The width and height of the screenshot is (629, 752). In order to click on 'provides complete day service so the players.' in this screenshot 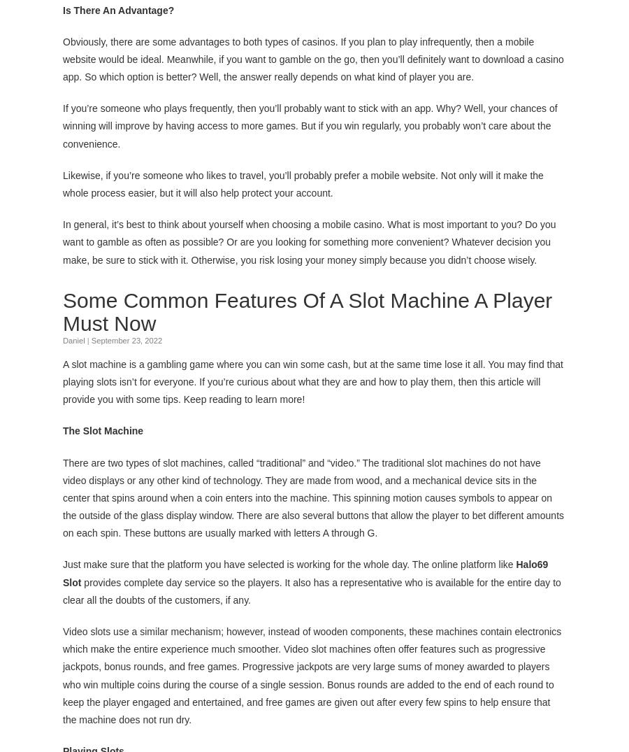, I will do `click(180, 582)`.